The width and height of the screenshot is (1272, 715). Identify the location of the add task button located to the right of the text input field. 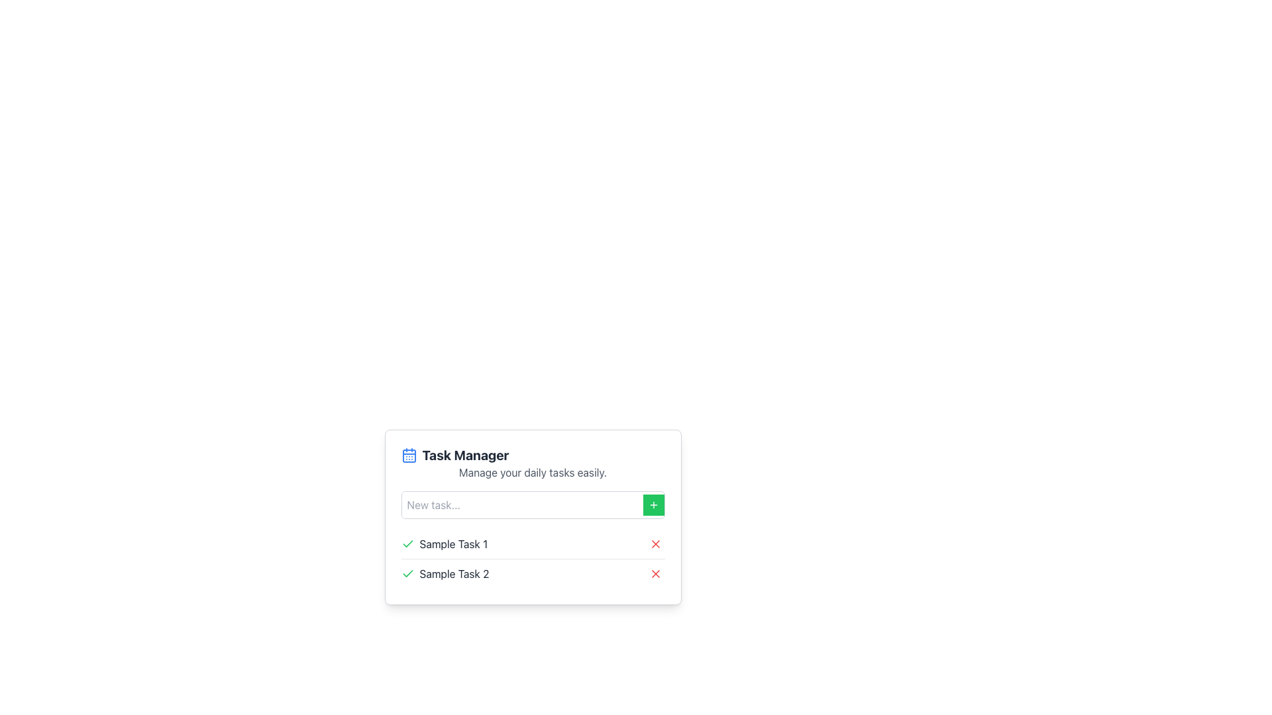
(653, 505).